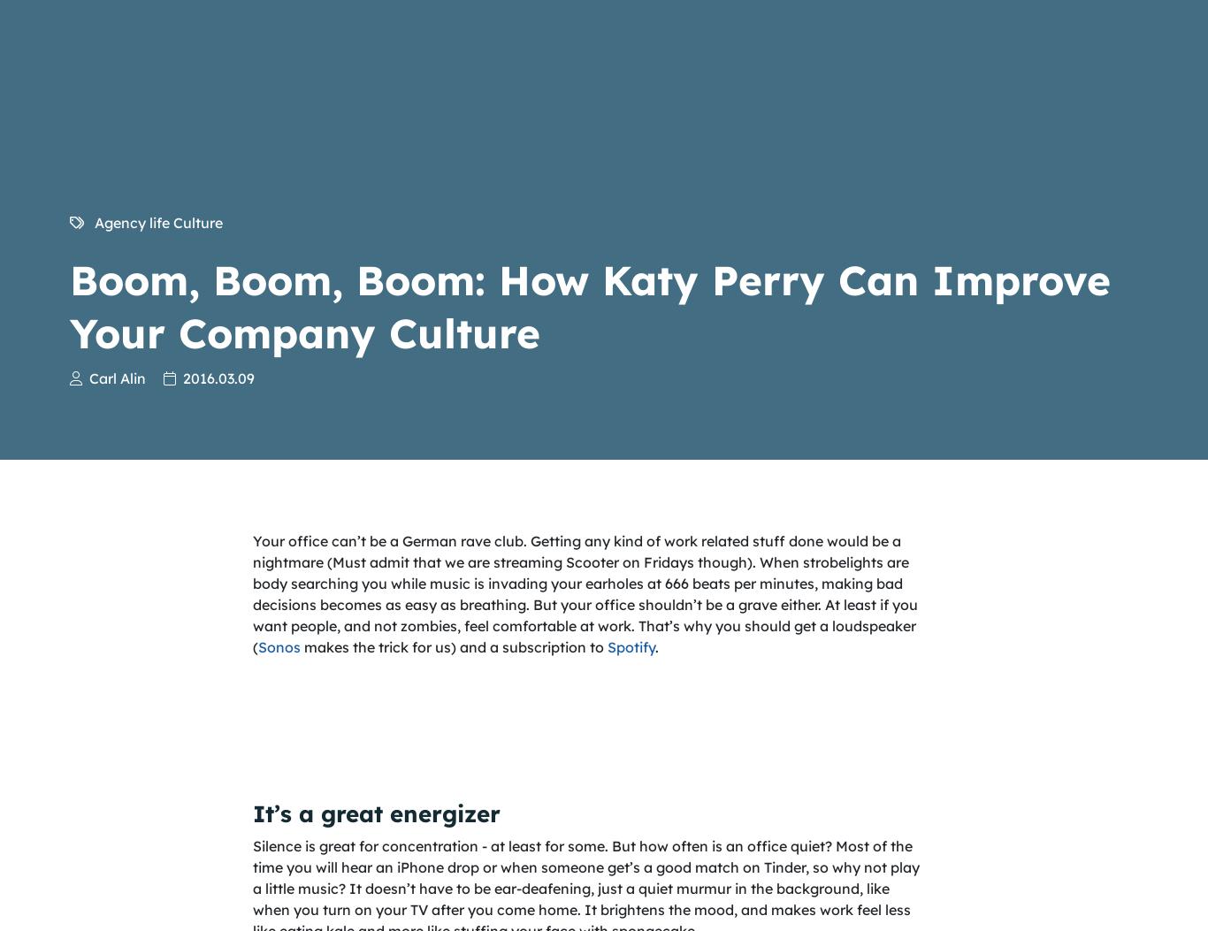  Describe the element at coordinates (472, 753) in the screenshot. I see `'Solutions'` at that location.